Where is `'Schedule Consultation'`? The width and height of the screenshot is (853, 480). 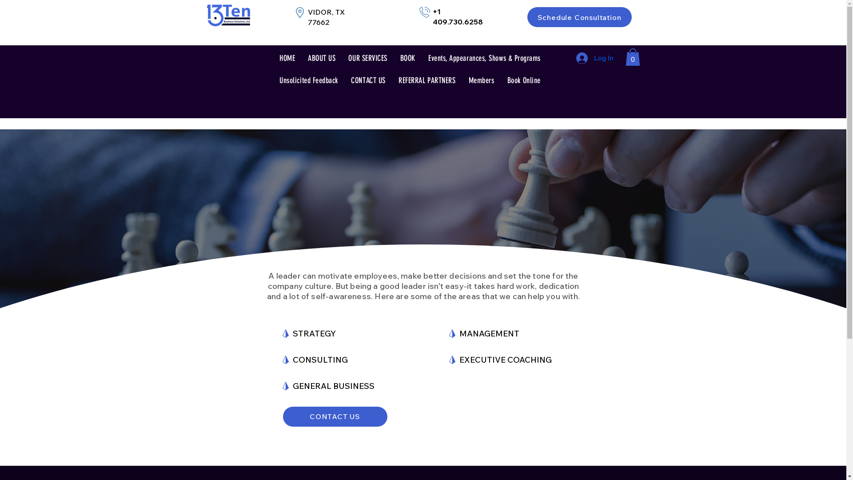
'Schedule Consultation' is located at coordinates (579, 17).